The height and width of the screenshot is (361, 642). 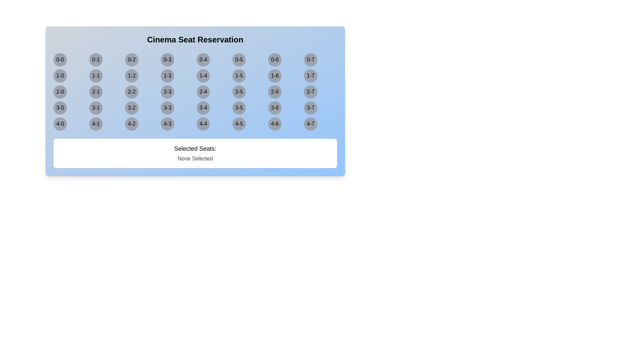 I want to click on the Informational display panel at the bottom center of the cinema seat reservation interface, so click(x=195, y=153).